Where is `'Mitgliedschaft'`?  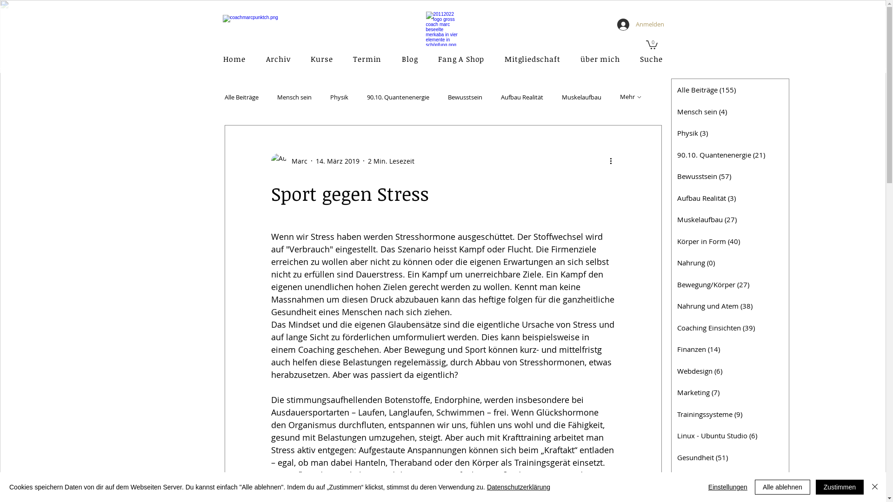
'Mitgliedschaft' is located at coordinates (495, 59).